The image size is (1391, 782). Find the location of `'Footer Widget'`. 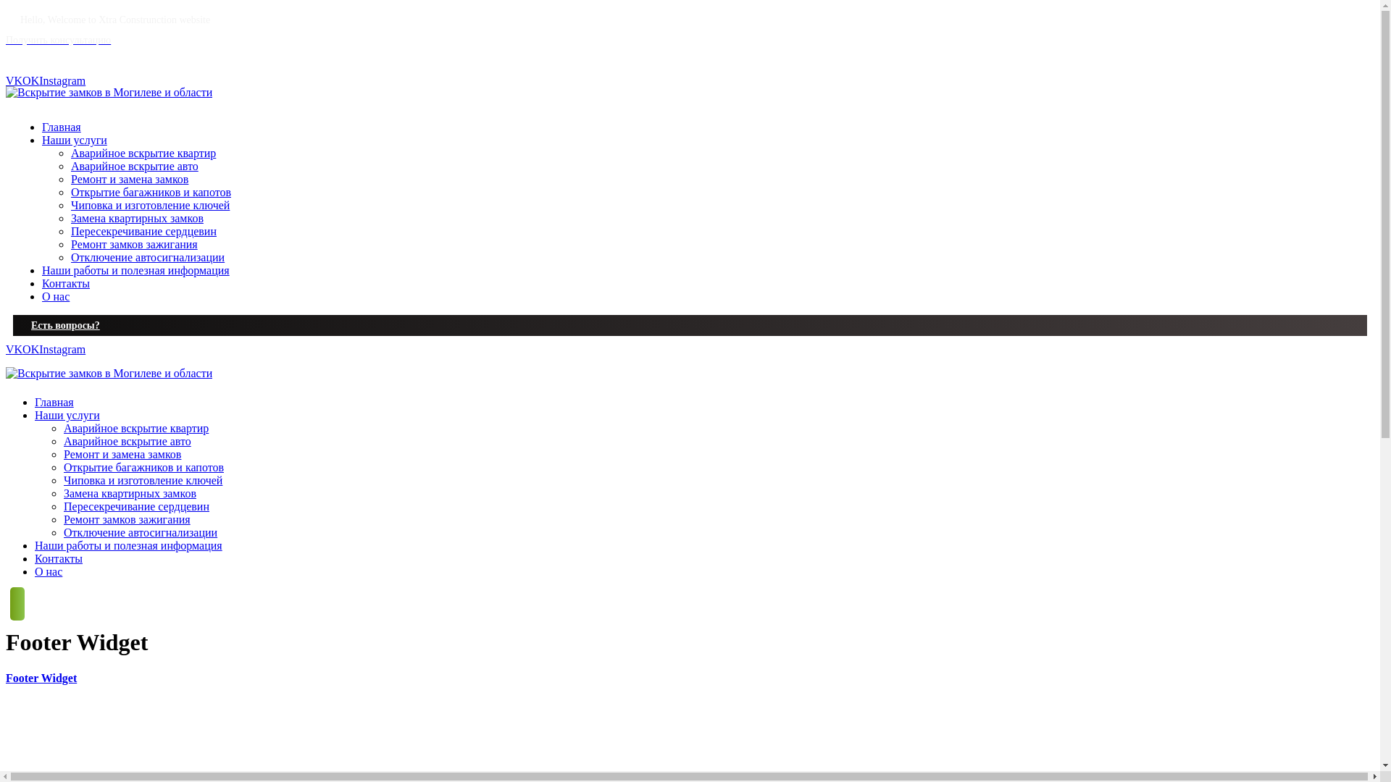

'Footer Widget' is located at coordinates (41, 678).